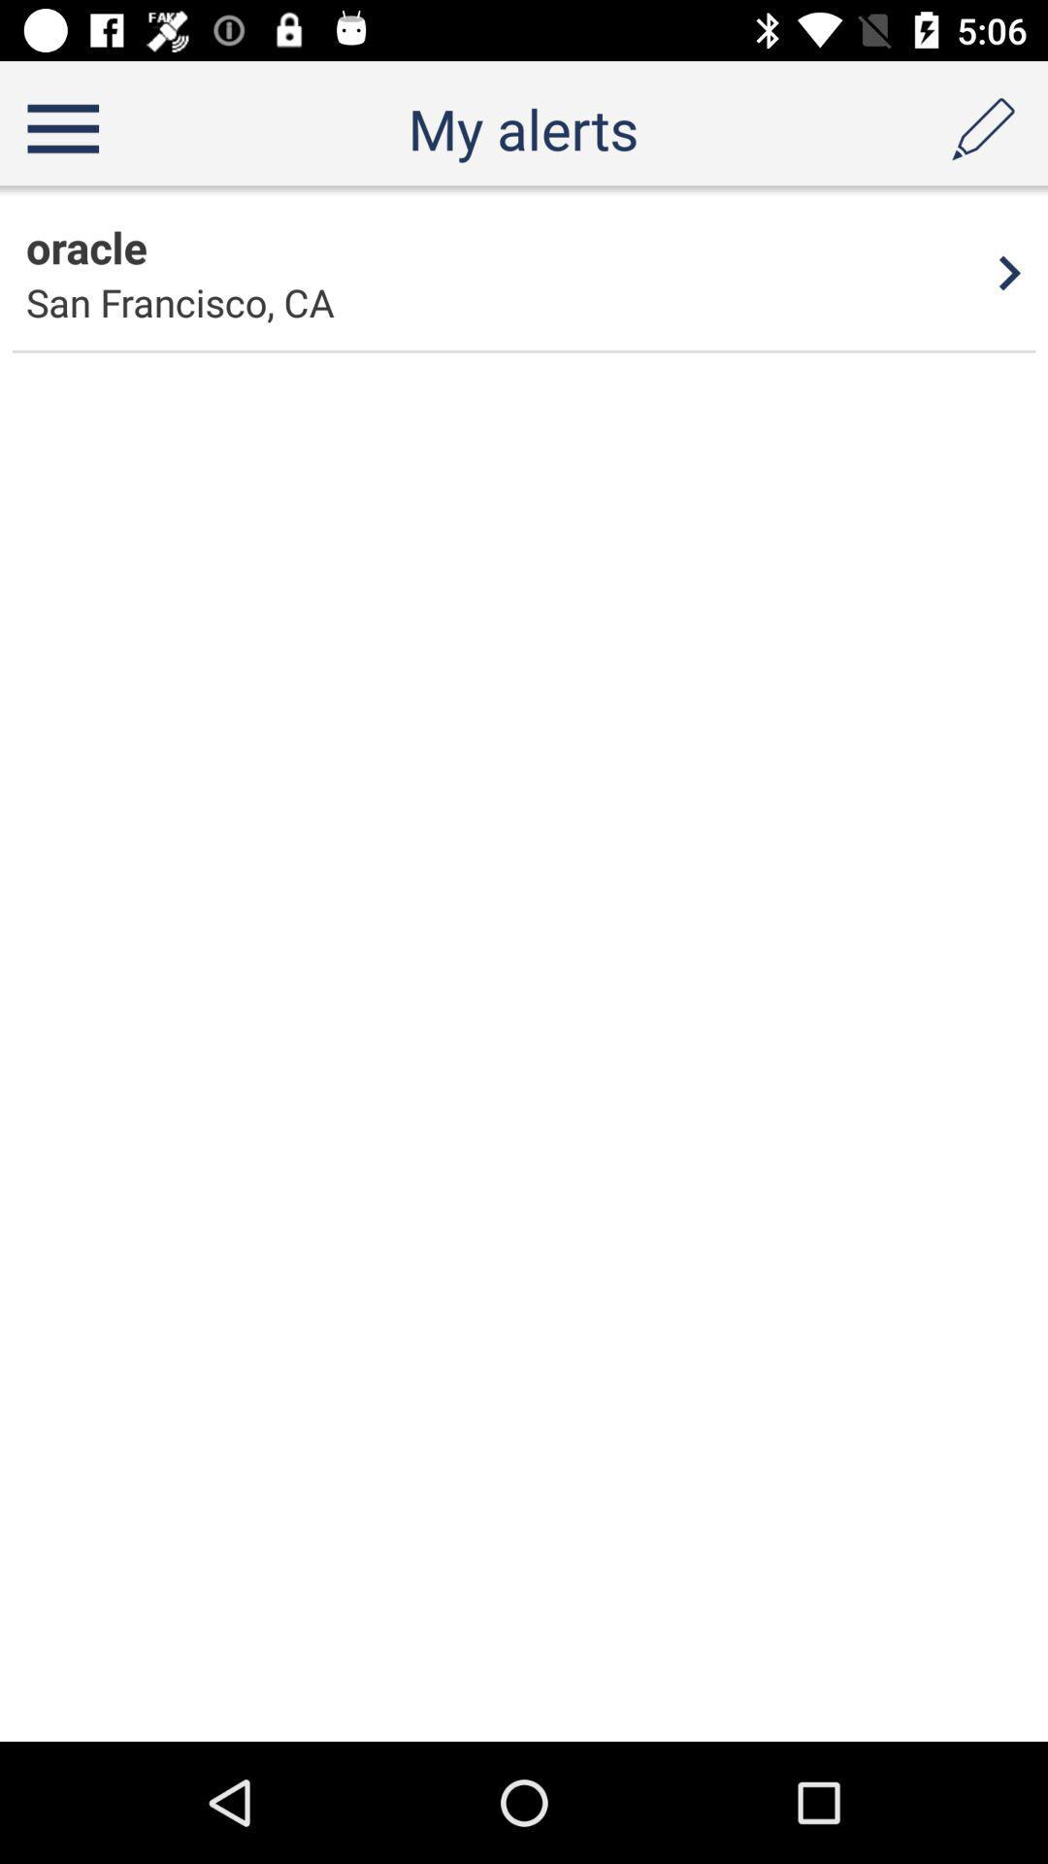  Describe the element at coordinates (1009, 272) in the screenshot. I see `4 icon` at that location.